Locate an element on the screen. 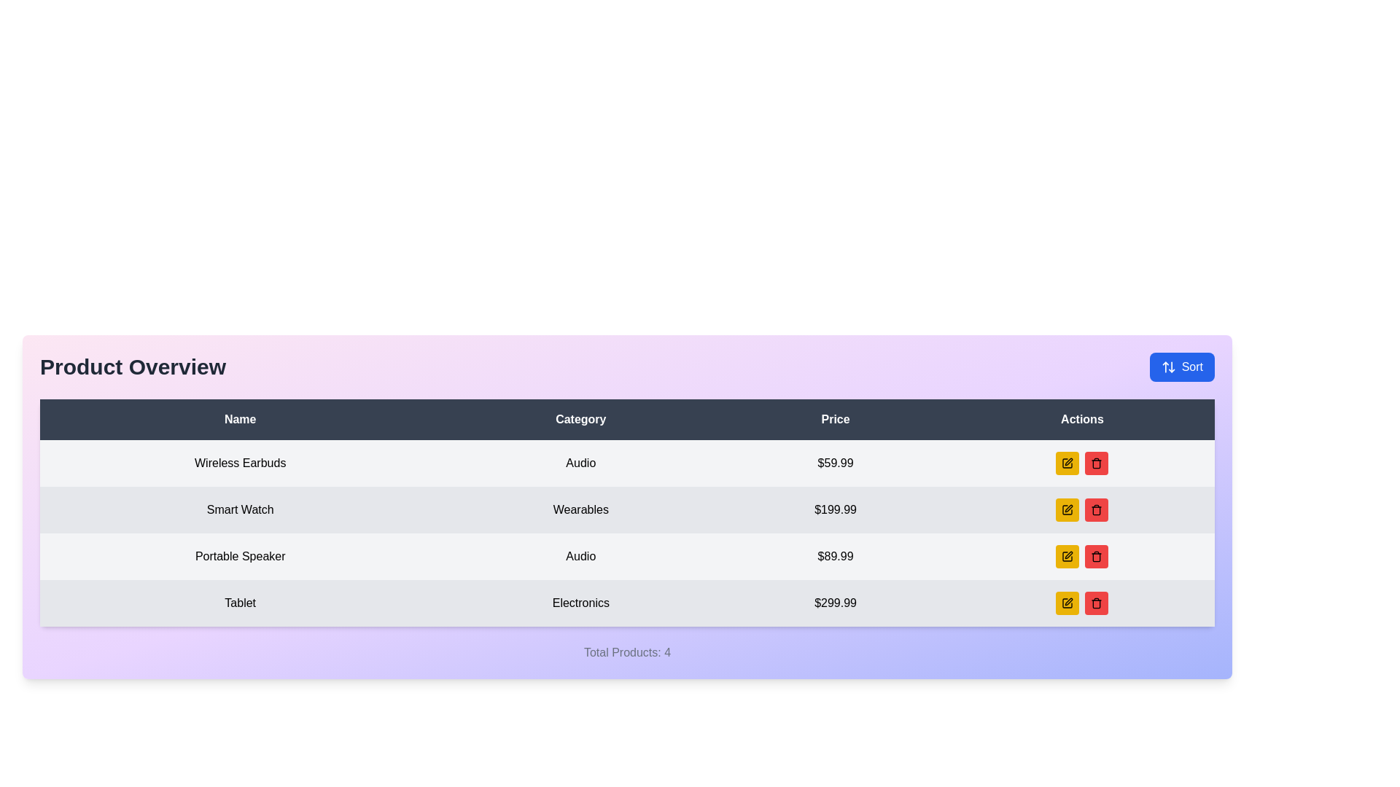 Image resolution: width=1400 pixels, height=787 pixels. the icon button resembling a pen inside a yellow rounded button located in the fourth row under the 'Actions' column is located at coordinates (1067, 603).